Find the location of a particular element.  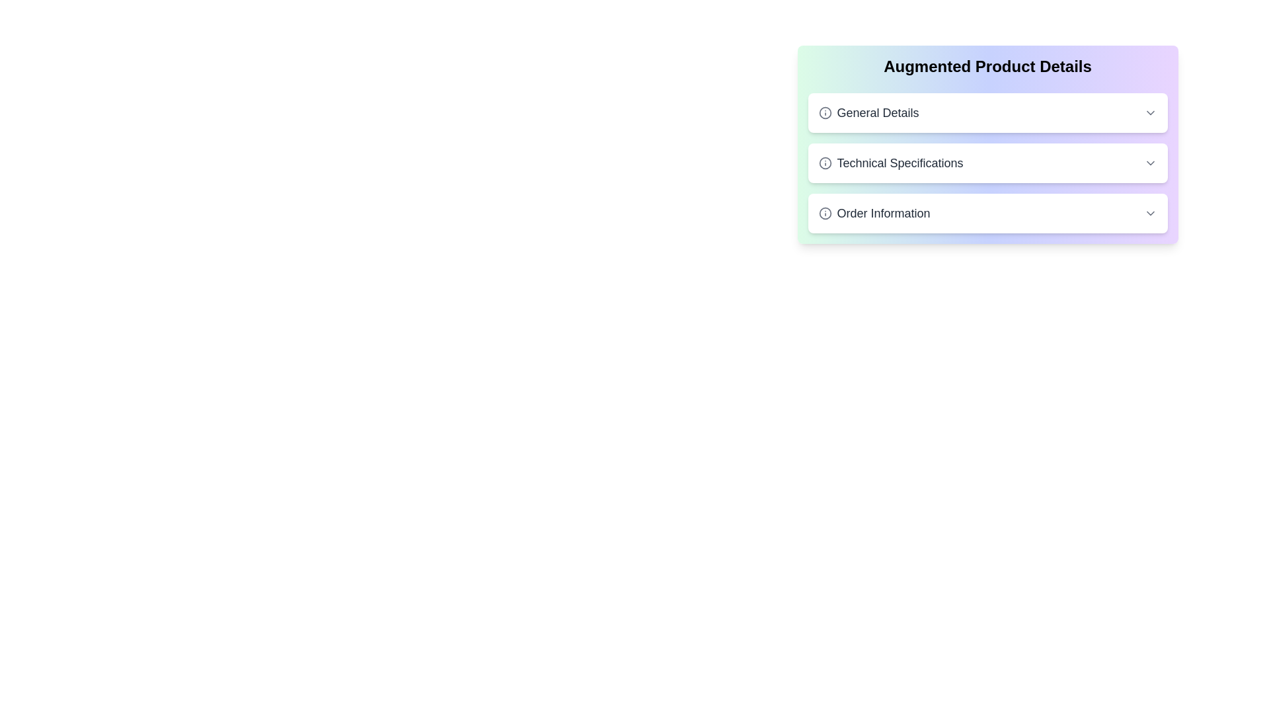

the informational indicator located immediately to the left of the 'Technical Specifications' text label in the sidebar is located at coordinates (824, 162).